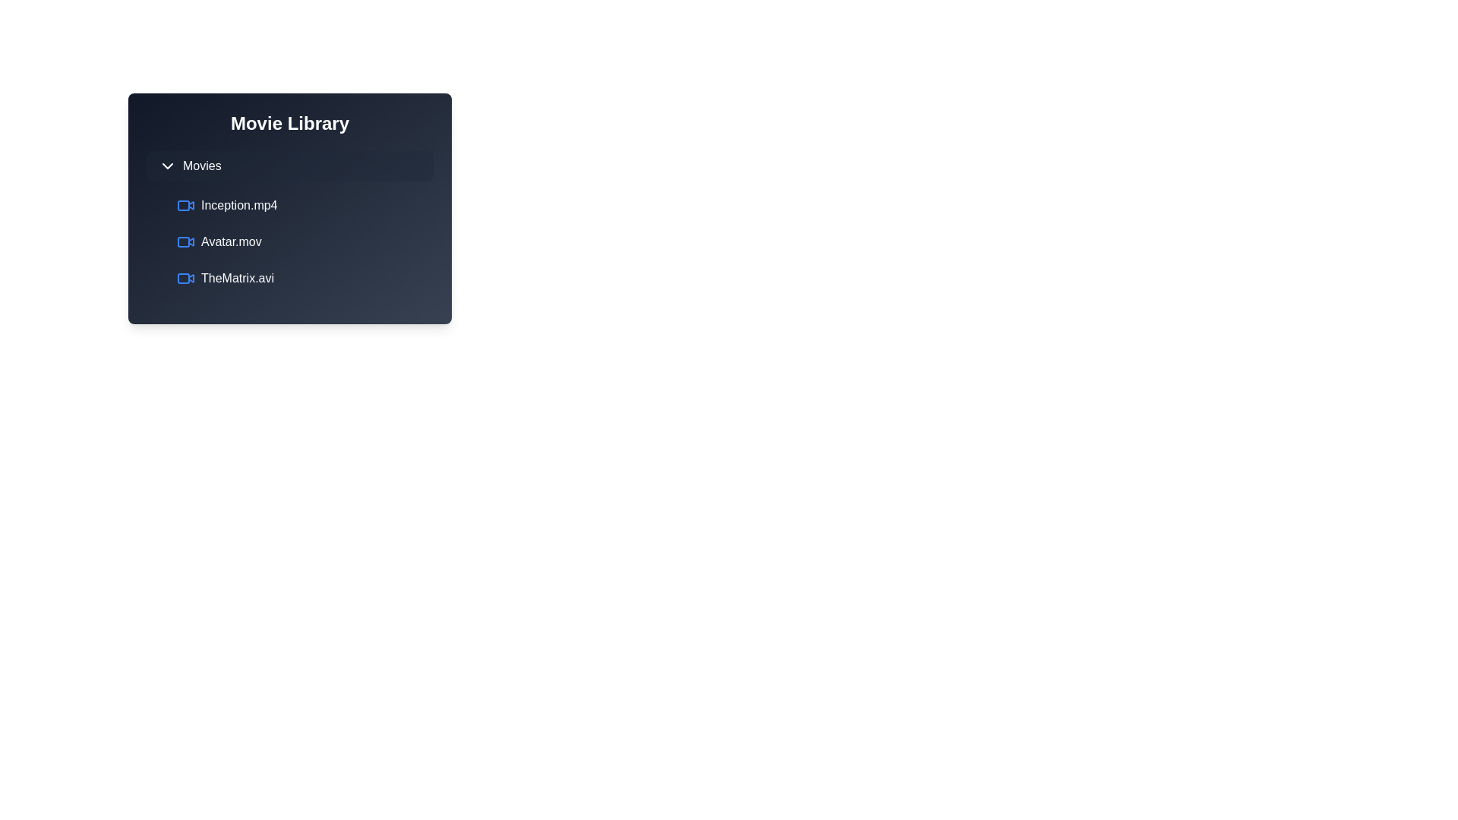 The image size is (1458, 820). What do you see at coordinates (302, 241) in the screenshot?
I see `the movie item Avatar.mov from the list` at bounding box center [302, 241].